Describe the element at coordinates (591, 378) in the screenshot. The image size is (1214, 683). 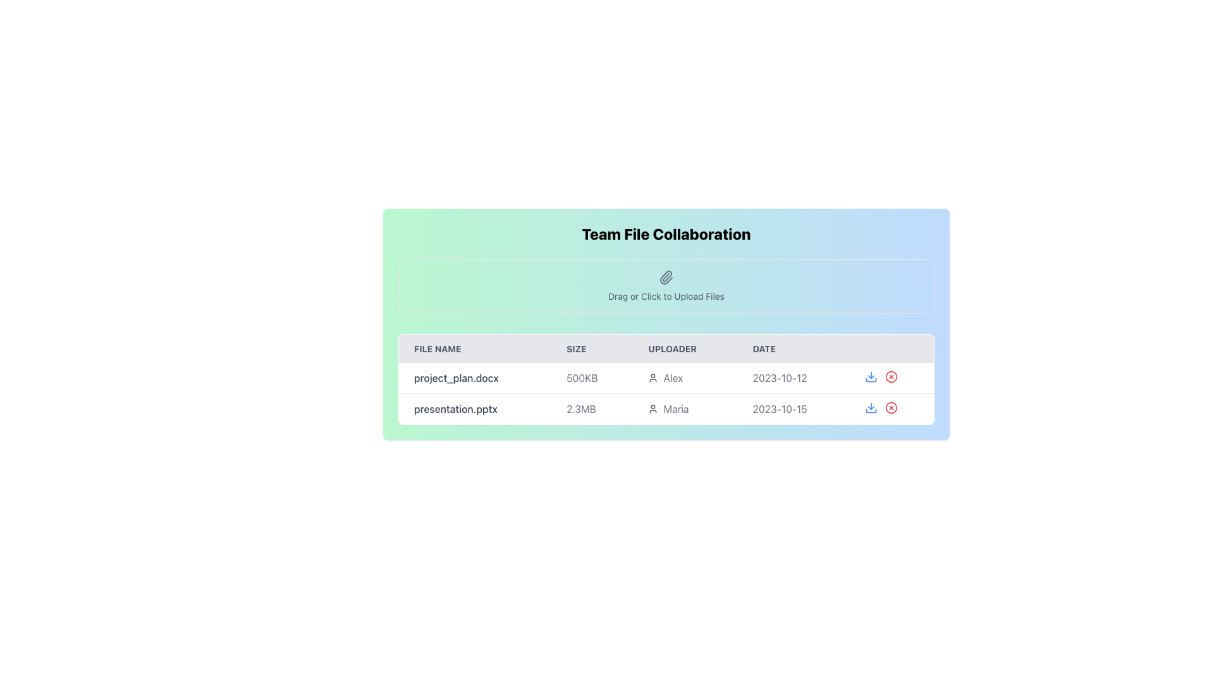
I see `the Text label that displays the file size for 'project_plan.docx', located in the second column of the first row of the table` at that location.